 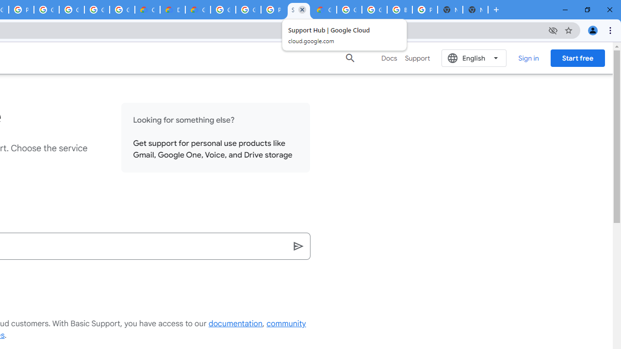 I want to click on 'Support Hub | Google Cloud', so click(x=298, y=10).